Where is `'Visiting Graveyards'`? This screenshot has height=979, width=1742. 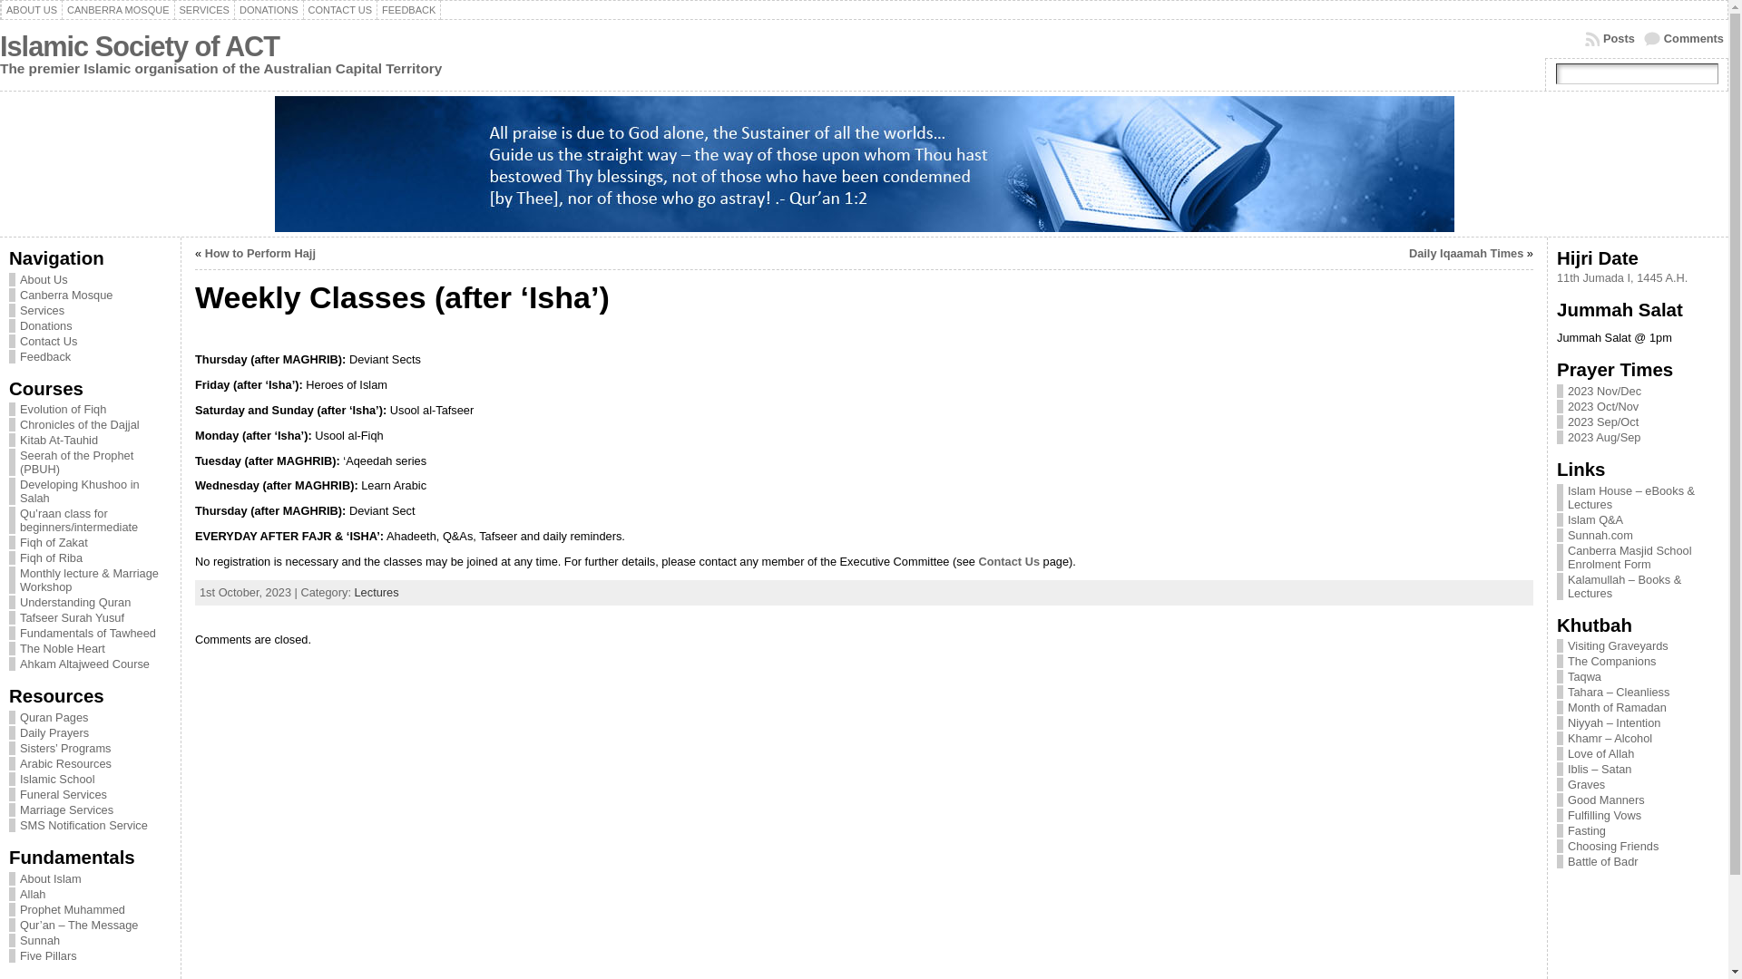
'Visiting Graveyards' is located at coordinates (1618, 645).